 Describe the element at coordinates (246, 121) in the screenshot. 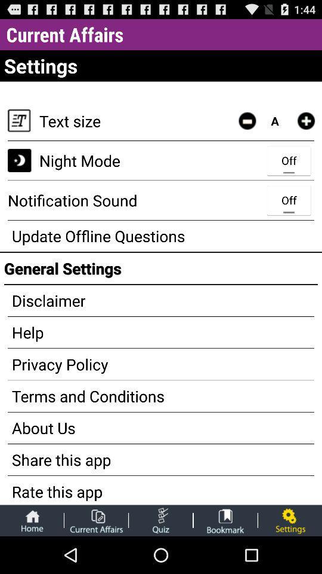

I see `icon next to the a item` at that location.